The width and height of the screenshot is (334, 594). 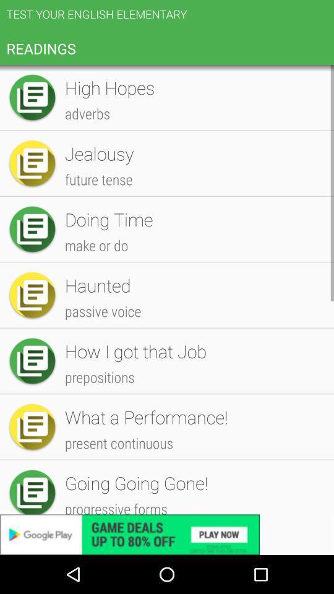 What do you see at coordinates (193, 337) in the screenshot?
I see `the millionaire` at bounding box center [193, 337].